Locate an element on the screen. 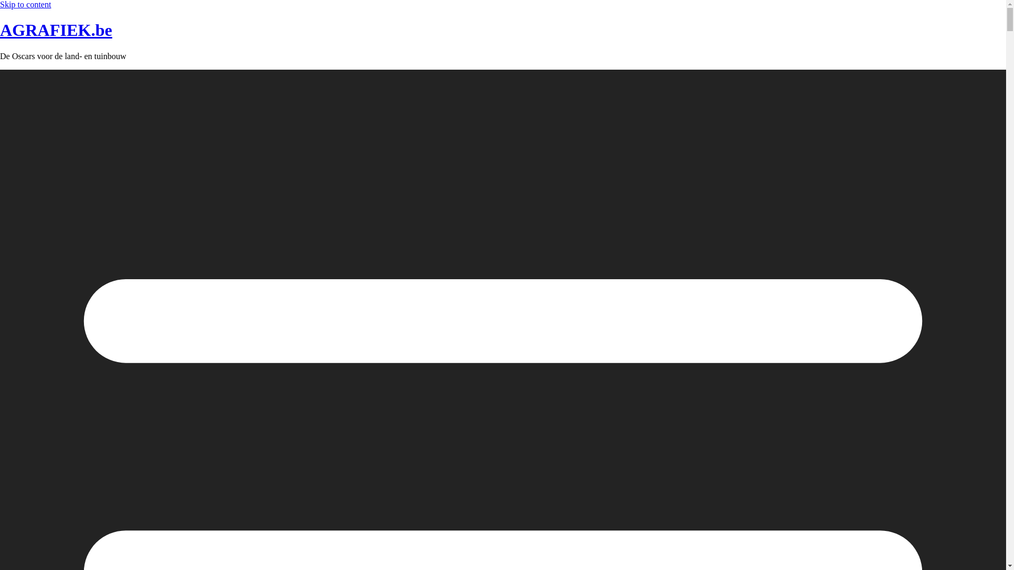 The width and height of the screenshot is (1014, 570). 'AGRAFIEK.be' is located at coordinates (55, 30).